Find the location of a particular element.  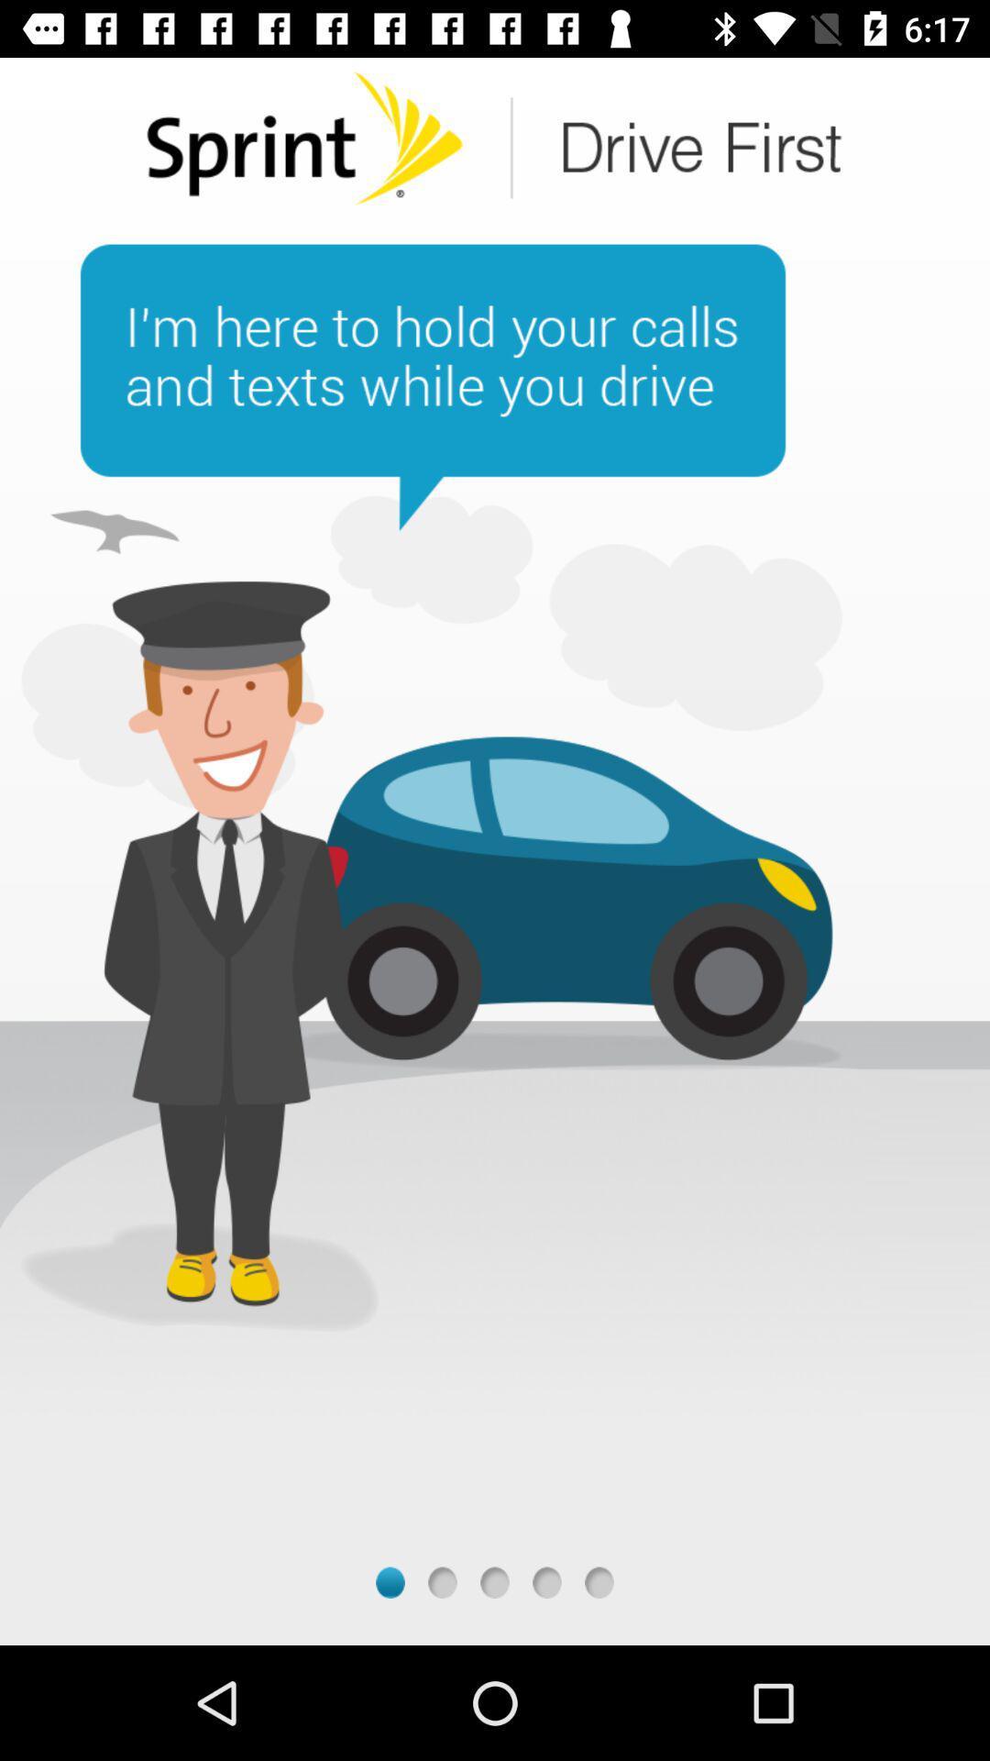

next screen is located at coordinates (546, 1581).